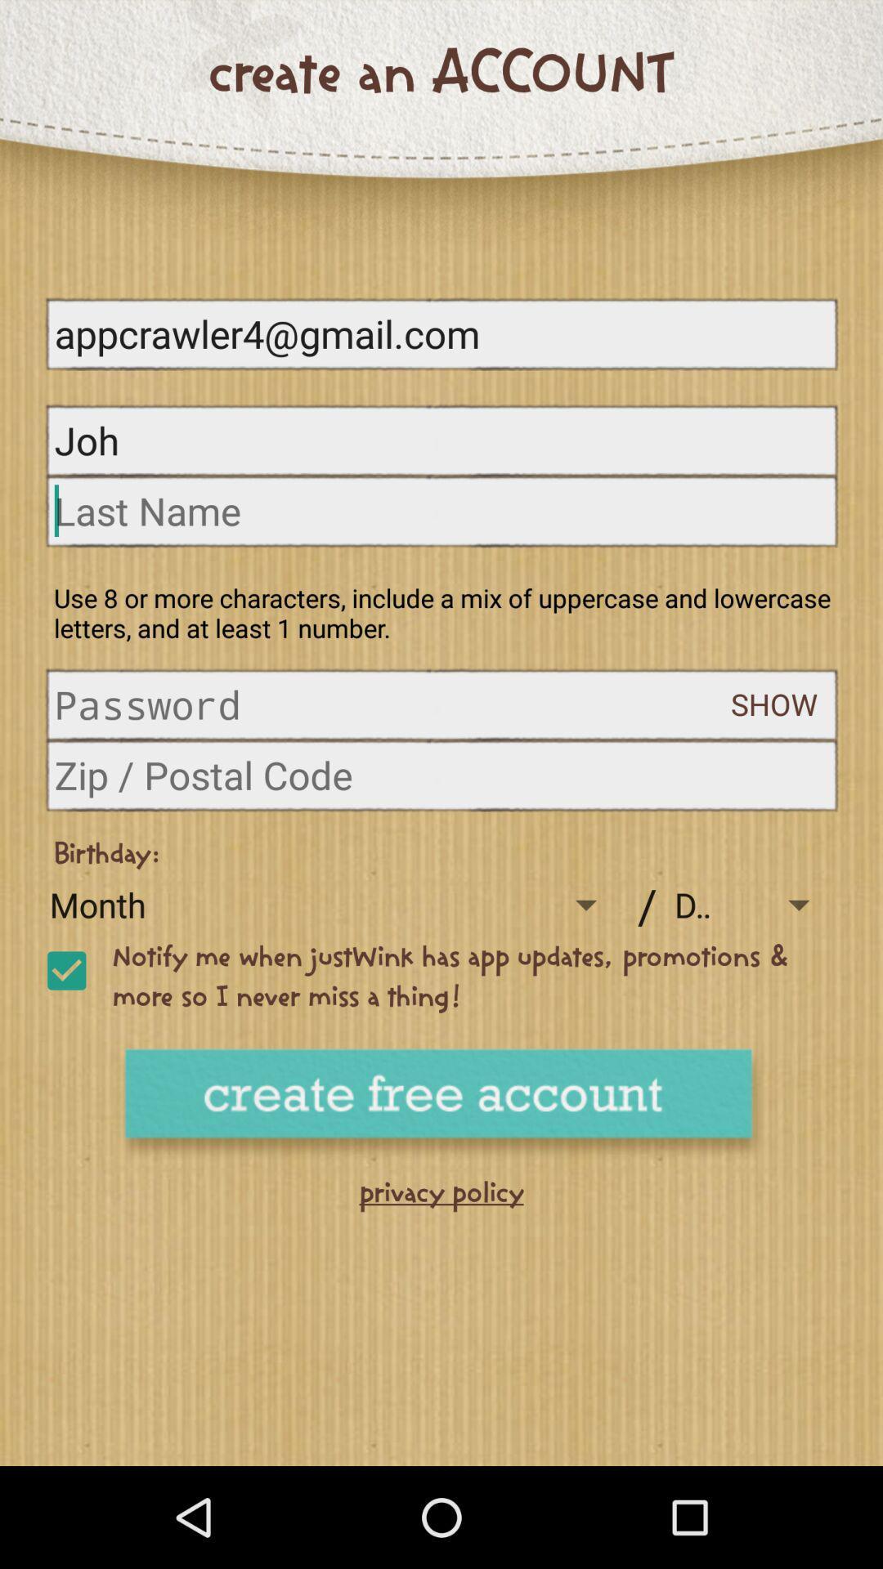 The width and height of the screenshot is (883, 1569). Describe the element at coordinates (65, 971) in the screenshot. I see `activate notification for update and promotion` at that location.